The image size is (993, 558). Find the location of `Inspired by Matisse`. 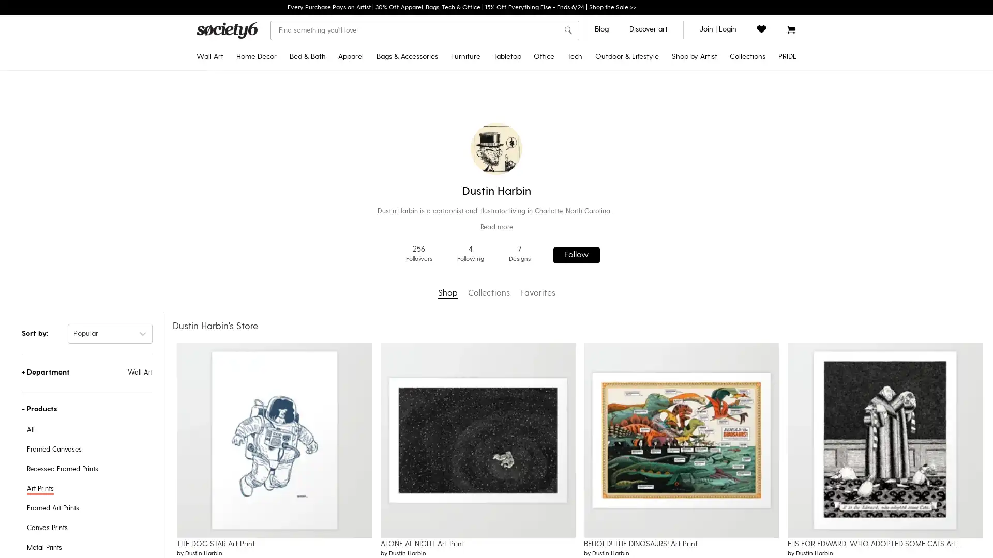

Inspired by Matisse is located at coordinates (709, 199).